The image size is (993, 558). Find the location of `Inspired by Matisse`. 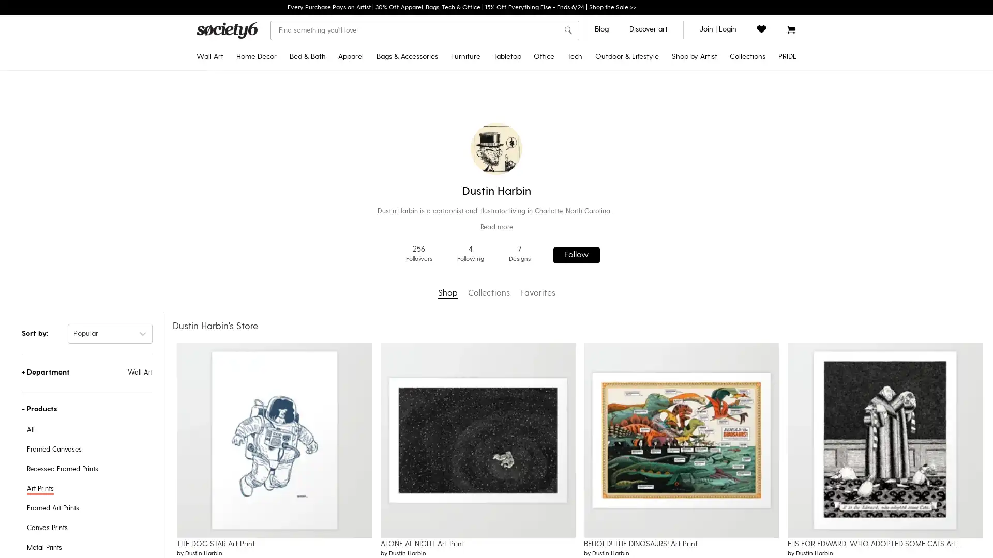

Inspired by Matisse is located at coordinates (709, 199).